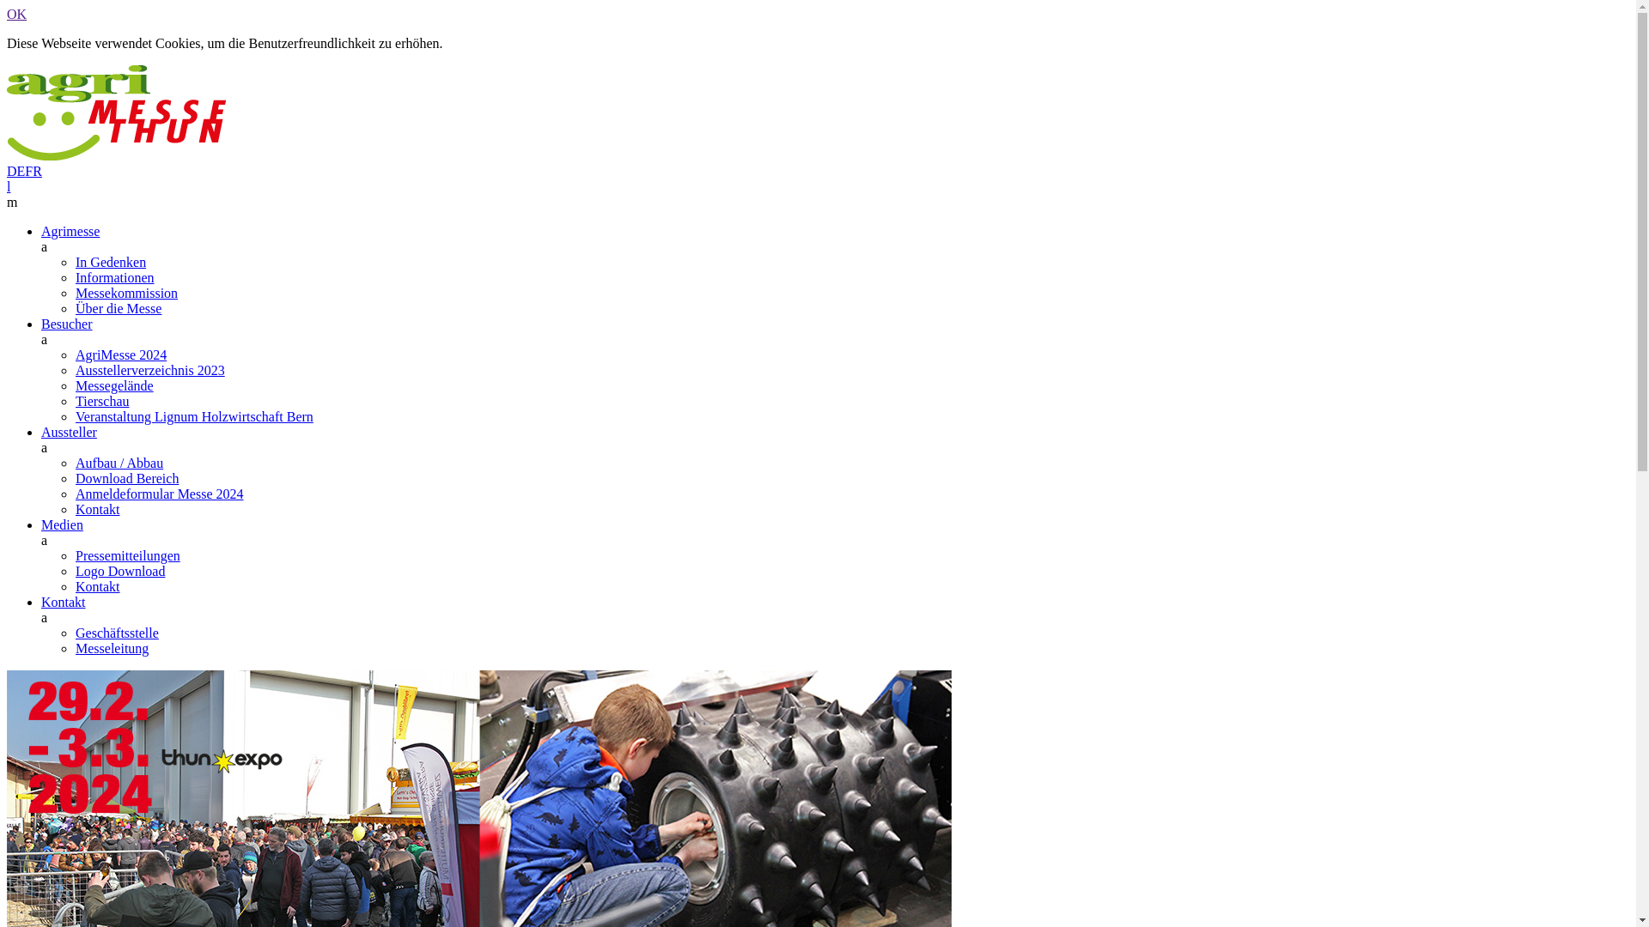 The width and height of the screenshot is (1649, 927). Describe the element at coordinates (110, 262) in the screenshot. I see `'In Gedenken'` at that location.